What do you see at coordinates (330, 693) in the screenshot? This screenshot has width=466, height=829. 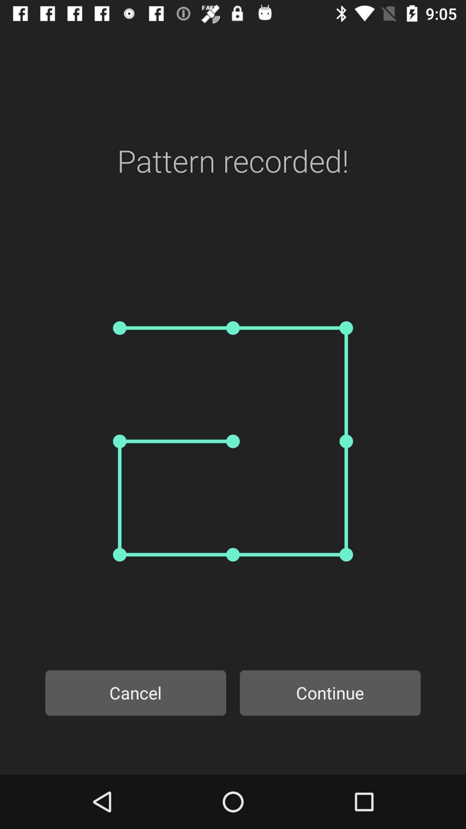 I see `continue at the bottom right corner` at bounding box center [330, 693].